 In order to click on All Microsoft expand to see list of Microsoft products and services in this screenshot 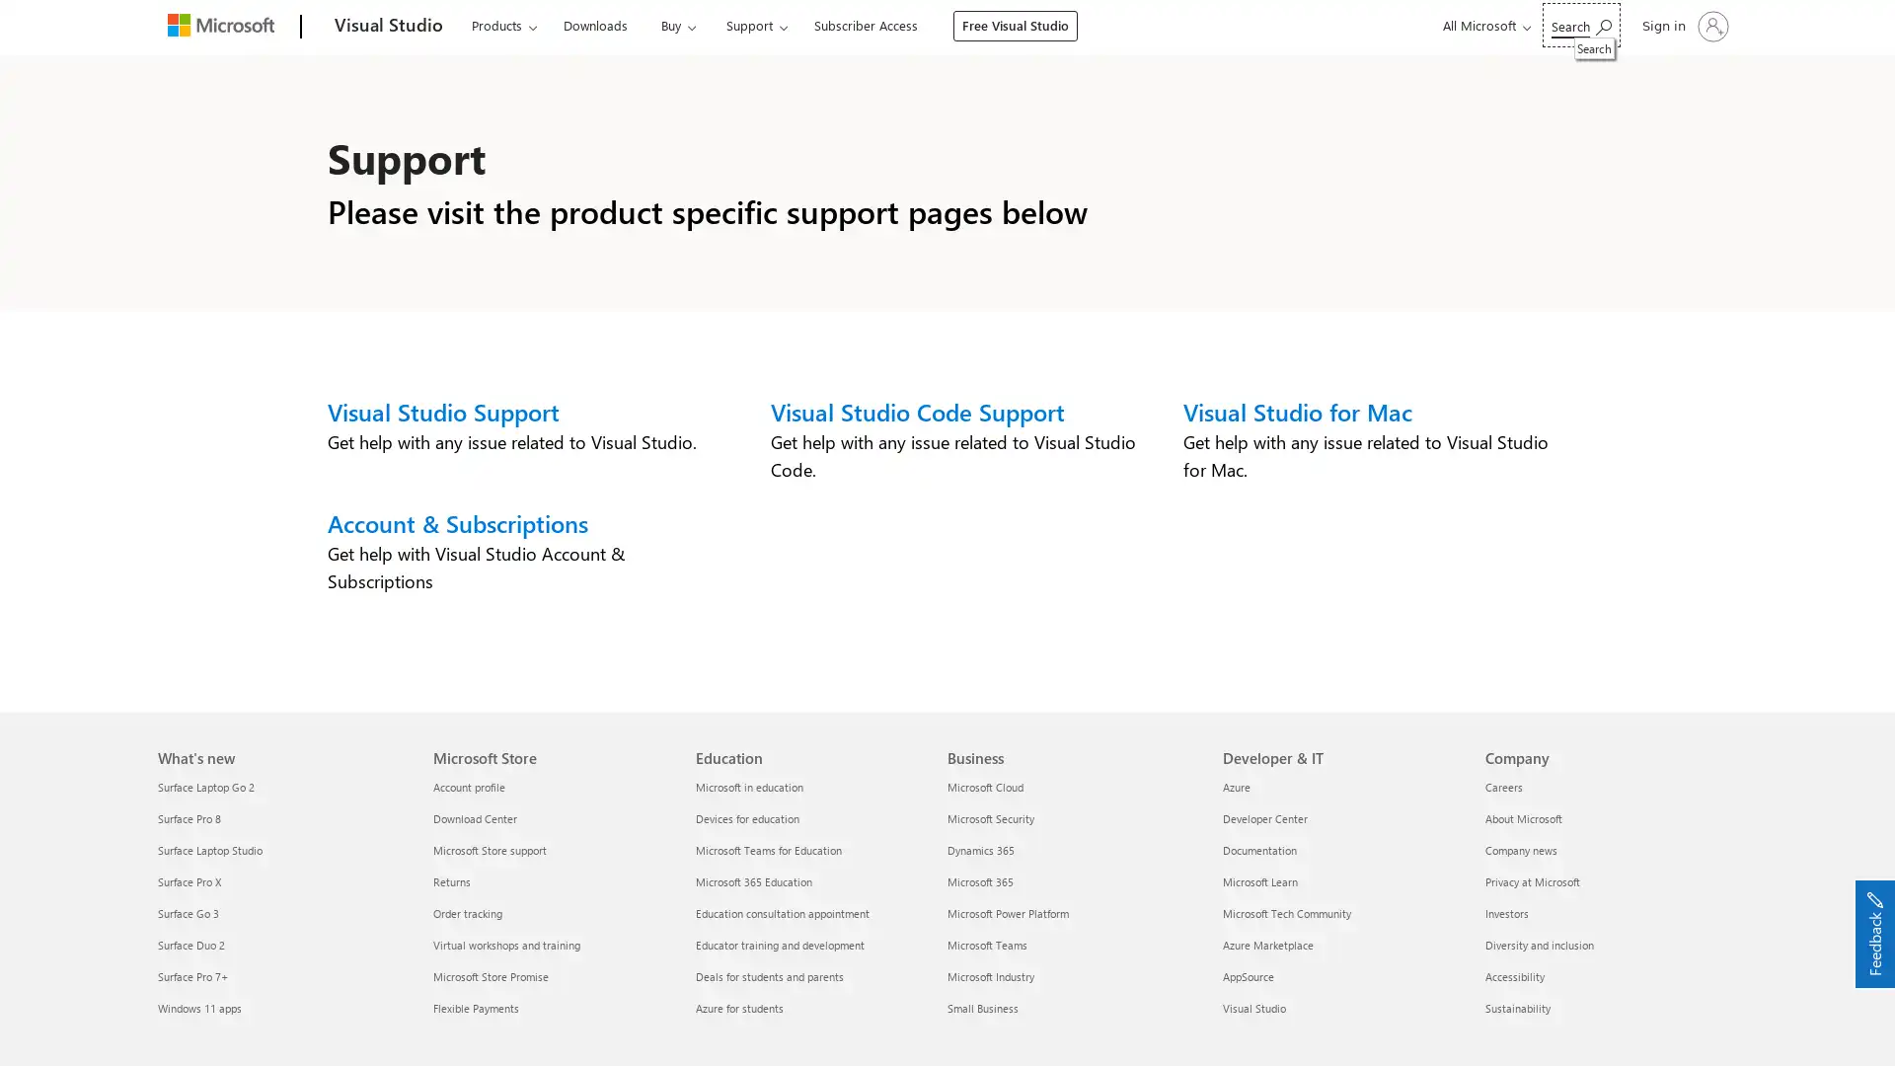, I will do `click(1483, 26)`.